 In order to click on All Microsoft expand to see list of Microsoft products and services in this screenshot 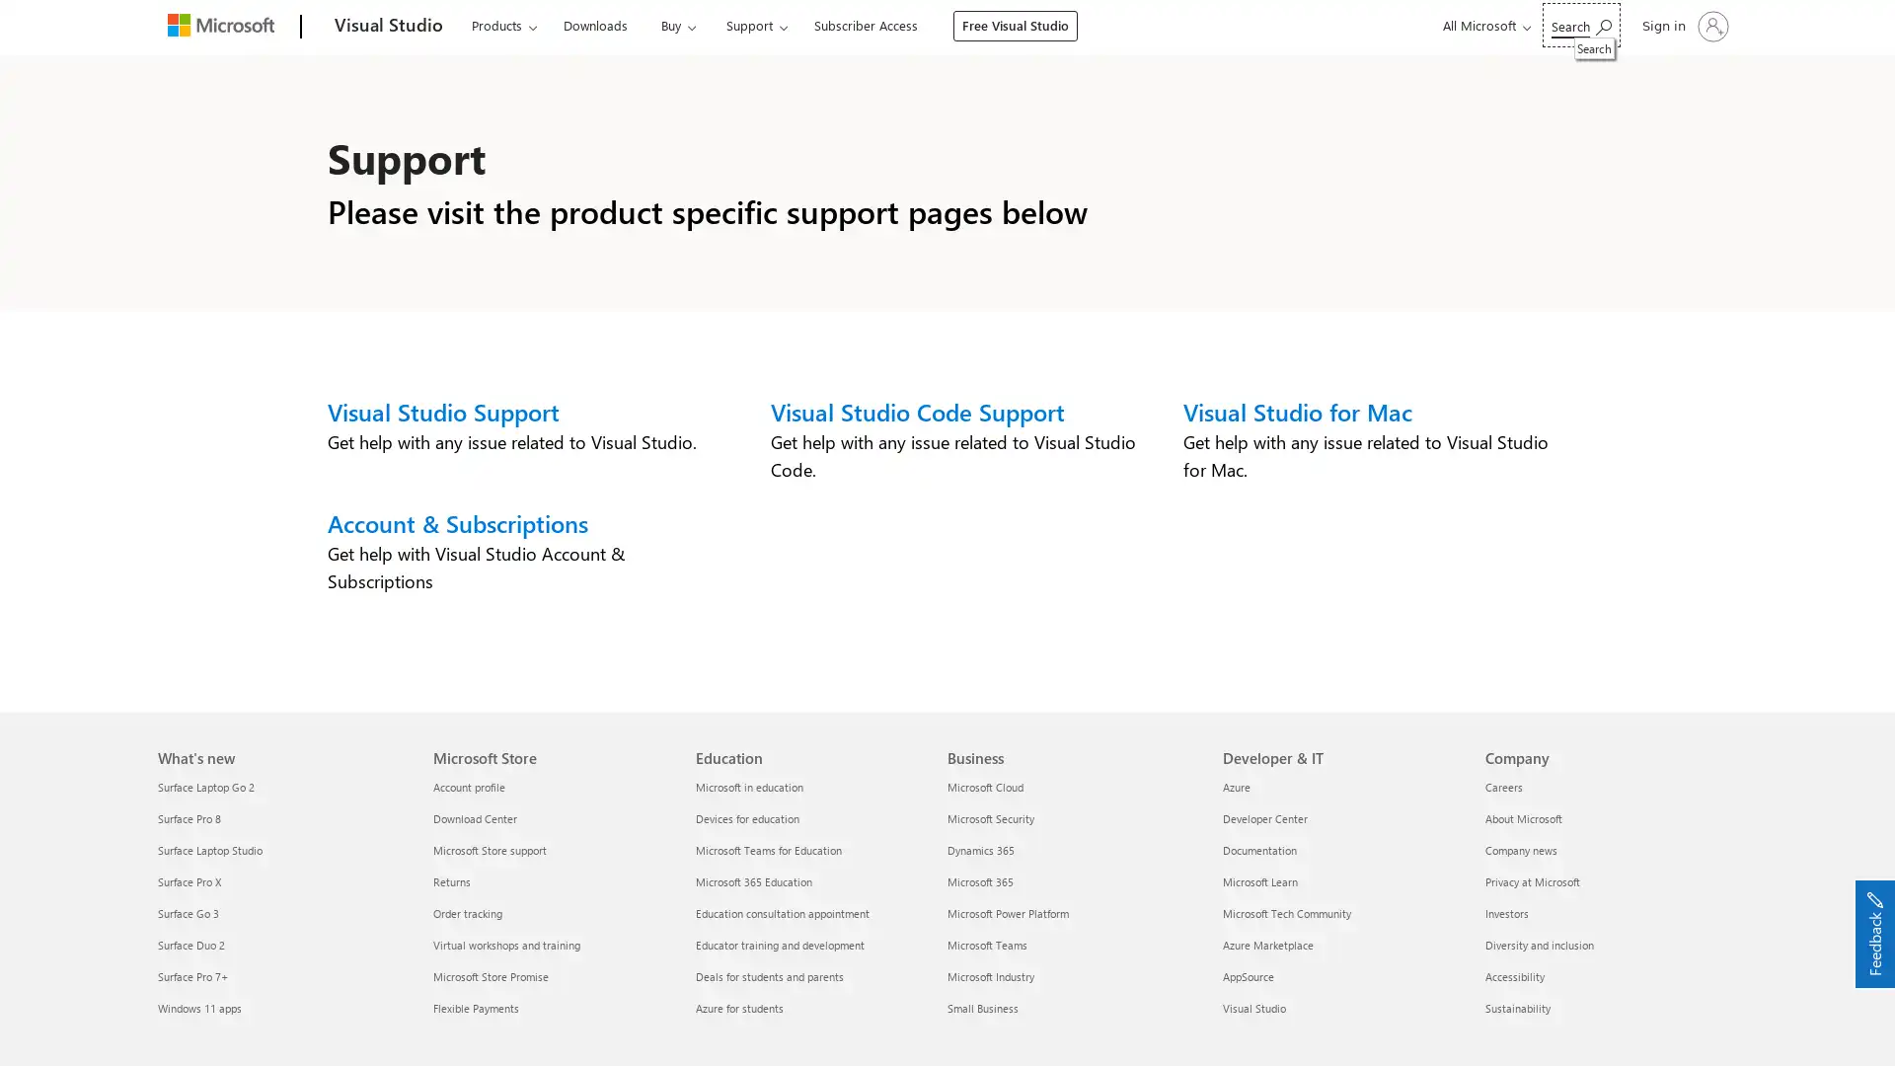, I will do `click(1483, 26)`.